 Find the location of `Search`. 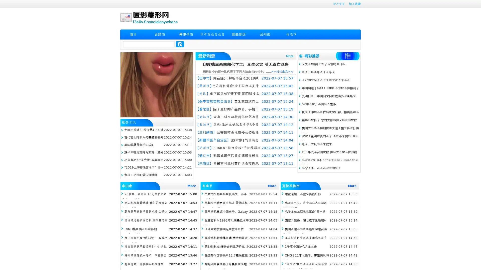

Search is located at coordinates (180, 44).